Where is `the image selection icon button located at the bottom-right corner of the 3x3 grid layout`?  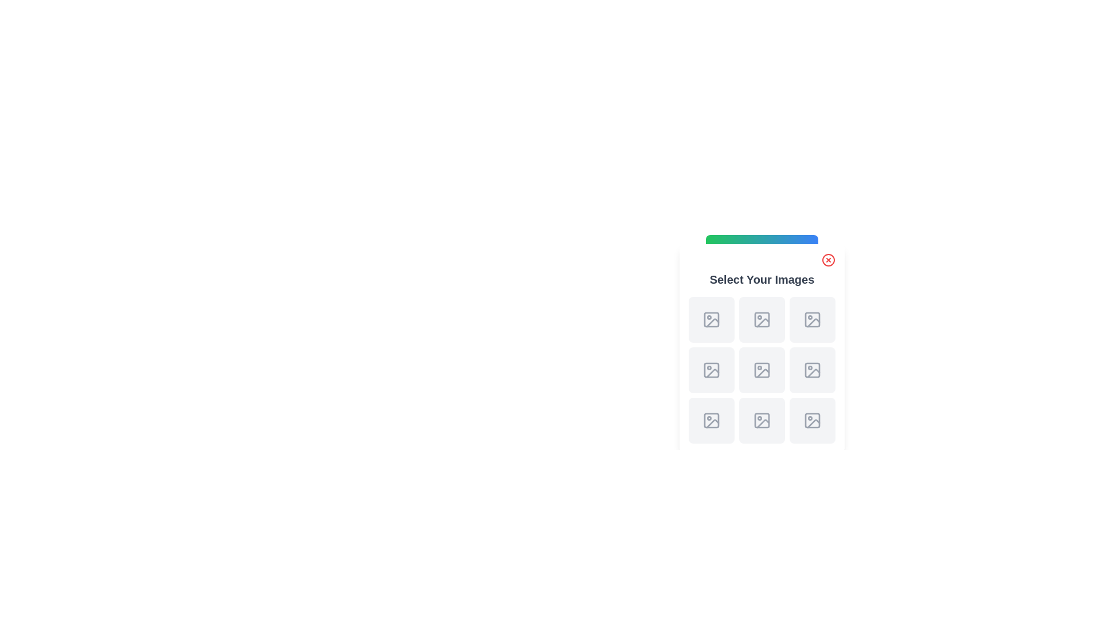 the image selection icon button located at the bottom-right corner of the 3x3 grid layout is located at coordinates (811, 320).